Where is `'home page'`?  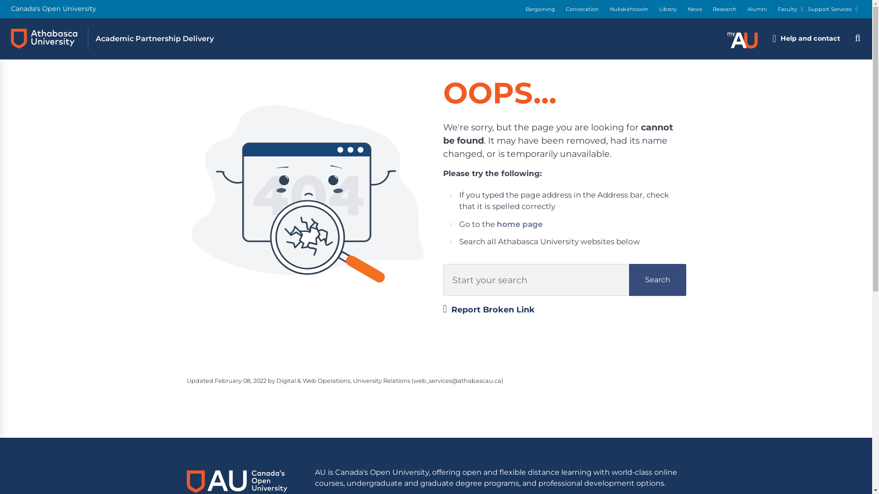
'home page' is located at coordinates (519, 224).